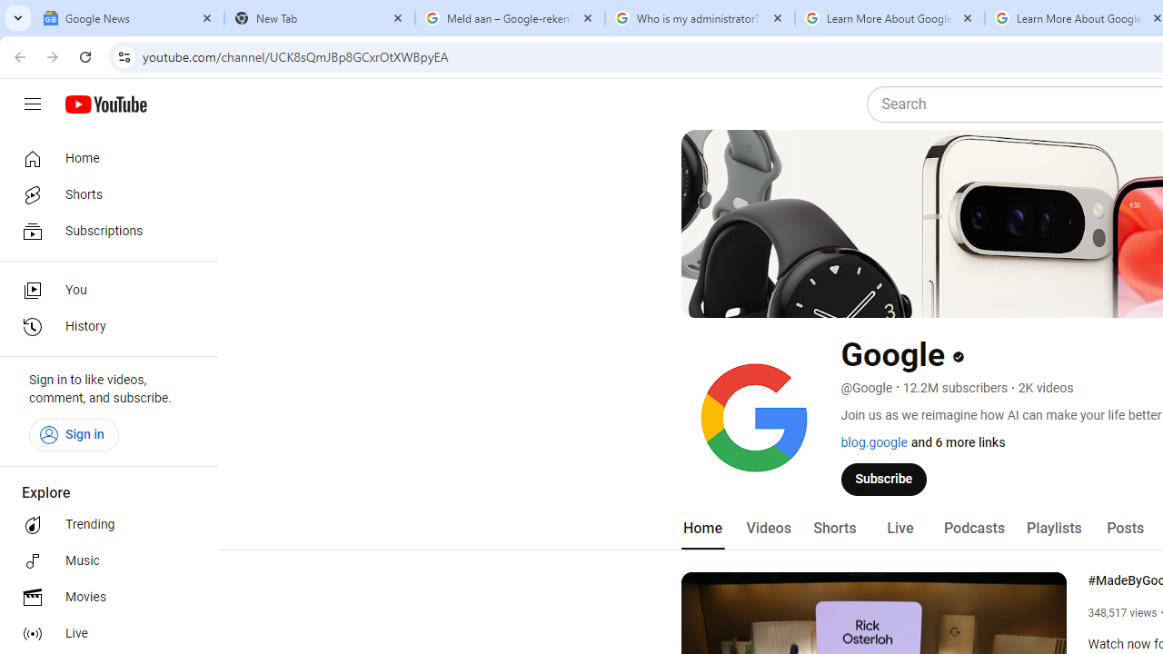 The image size is (1163, 654). What do you see at coordinates (32, 104) in the screenshot?
I see `'Guide'` at bounding box center [32, 104].